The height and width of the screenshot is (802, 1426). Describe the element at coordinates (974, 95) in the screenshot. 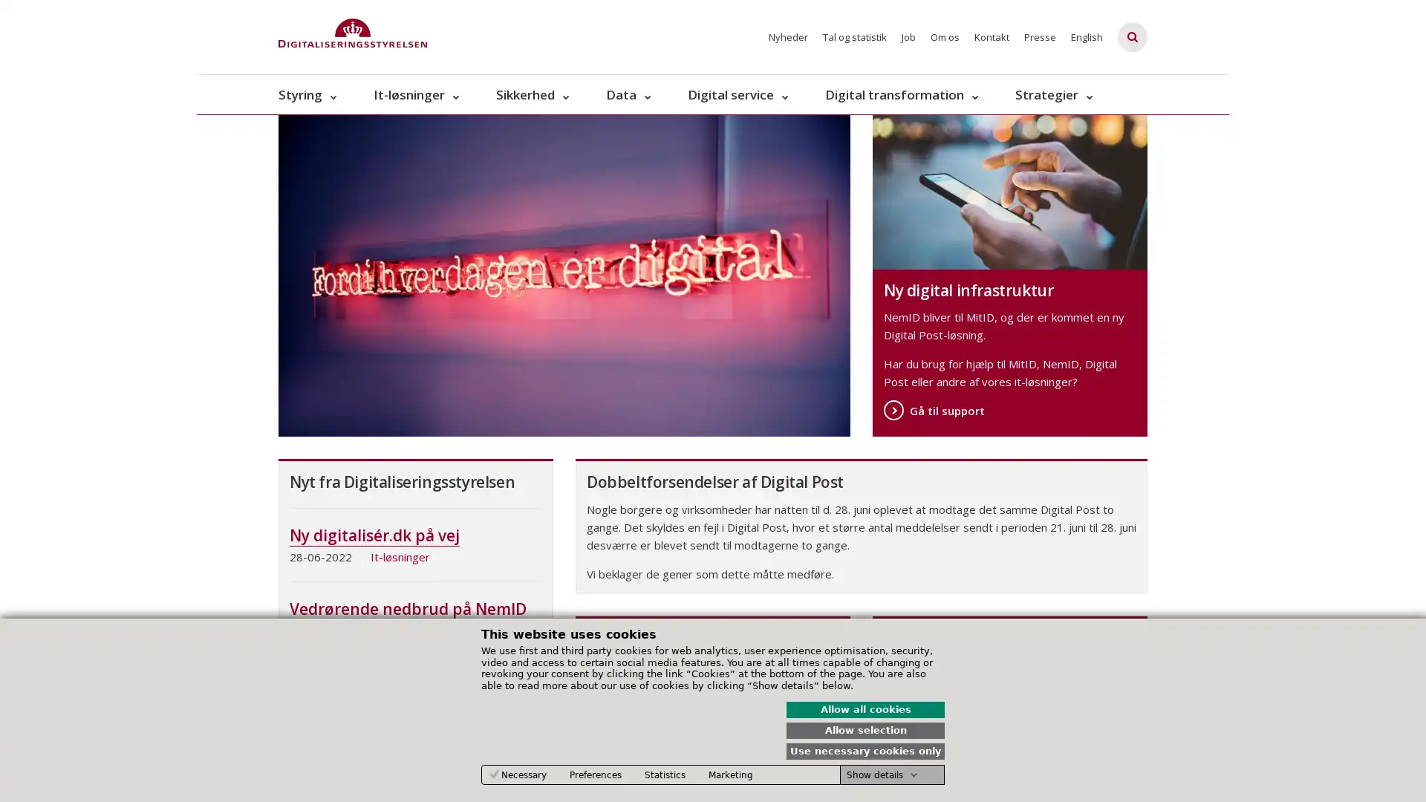

I see `Digital transformation - flere links` at that location.